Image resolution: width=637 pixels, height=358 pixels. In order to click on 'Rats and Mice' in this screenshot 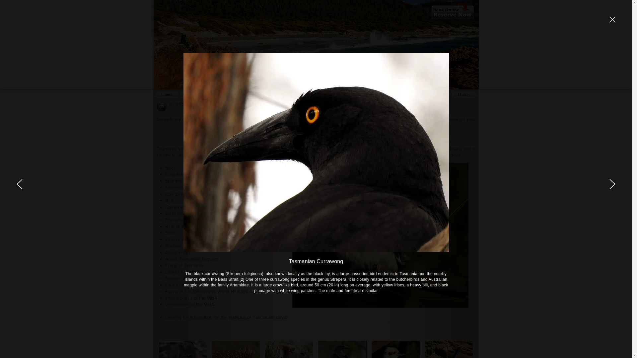, I will do `click(179, 226)`.